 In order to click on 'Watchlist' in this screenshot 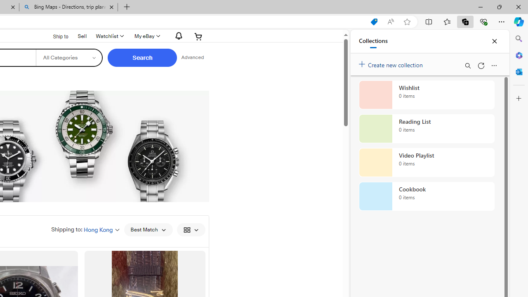, I will do `click(108, 36)`.